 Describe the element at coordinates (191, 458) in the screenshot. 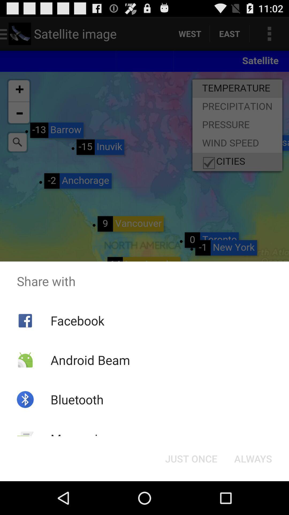

I see `the app next to the messaging` at that location.